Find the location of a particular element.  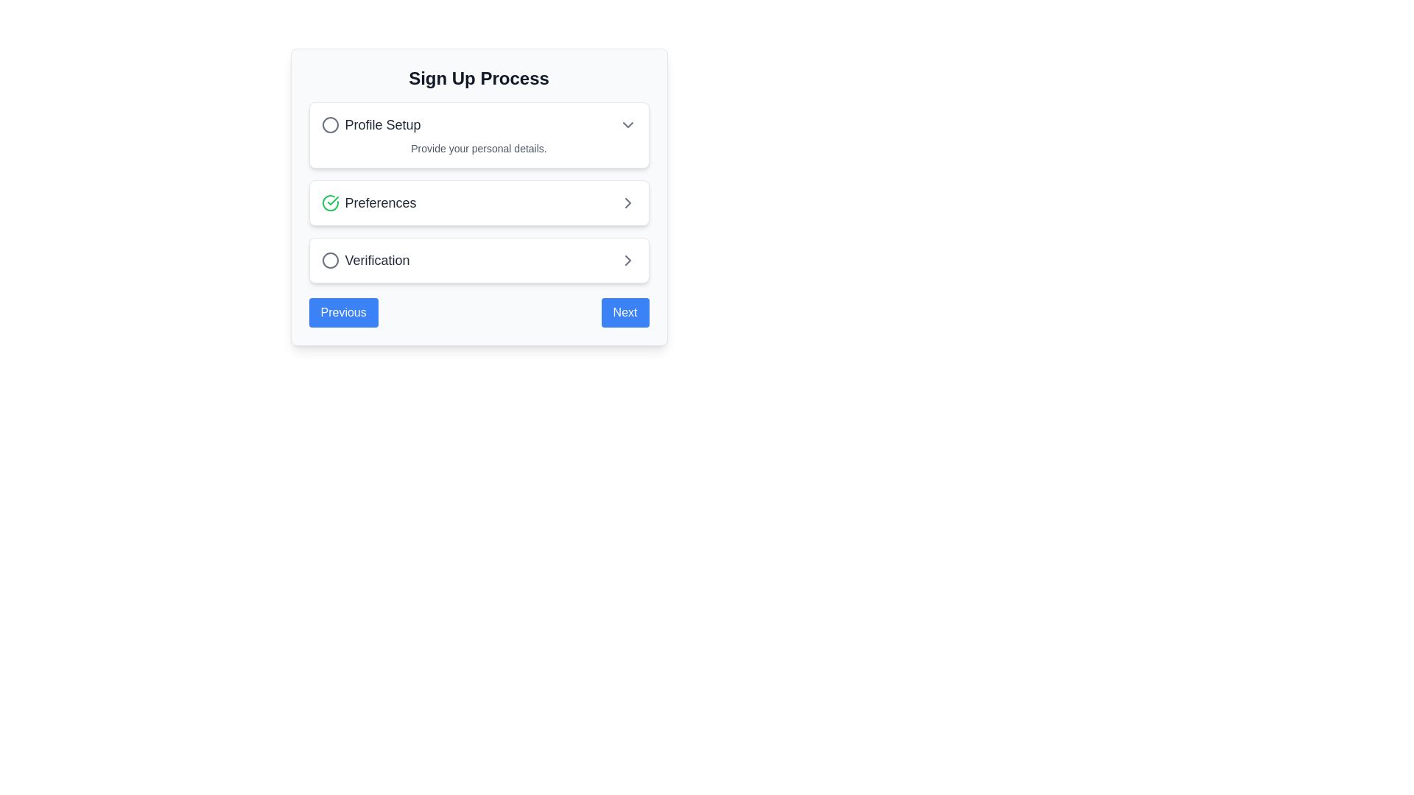

the 'Verification' text label, which is bold and dark gray, positioned in the step-by-step navigation component is located at coordinates (377, 260).